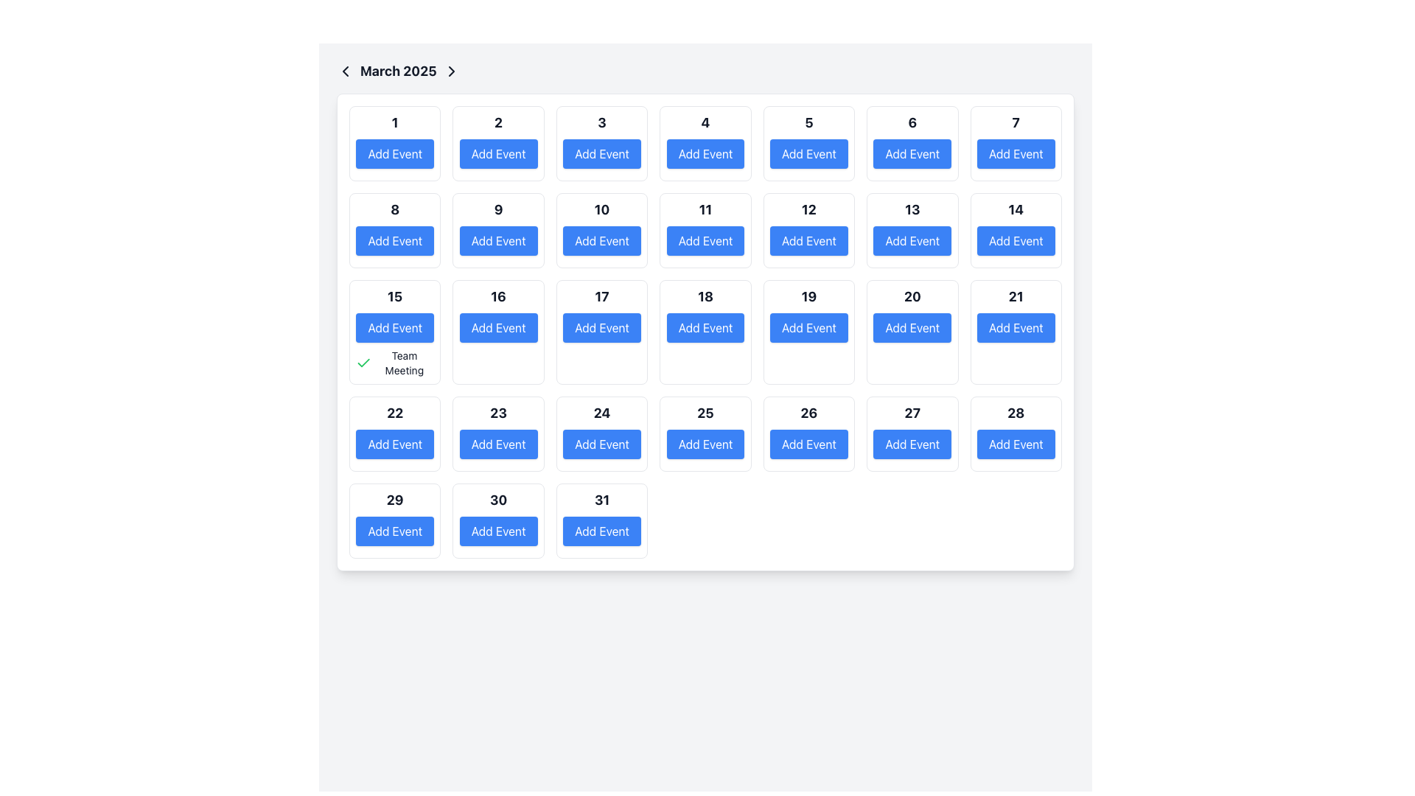 This screenshot has height=796, width=1415. Describe the element at coordinates (705, 210) in the screenshot. I see `the static text element displaying the number '11' in the second row and fifth column of the calendar view` at that location.